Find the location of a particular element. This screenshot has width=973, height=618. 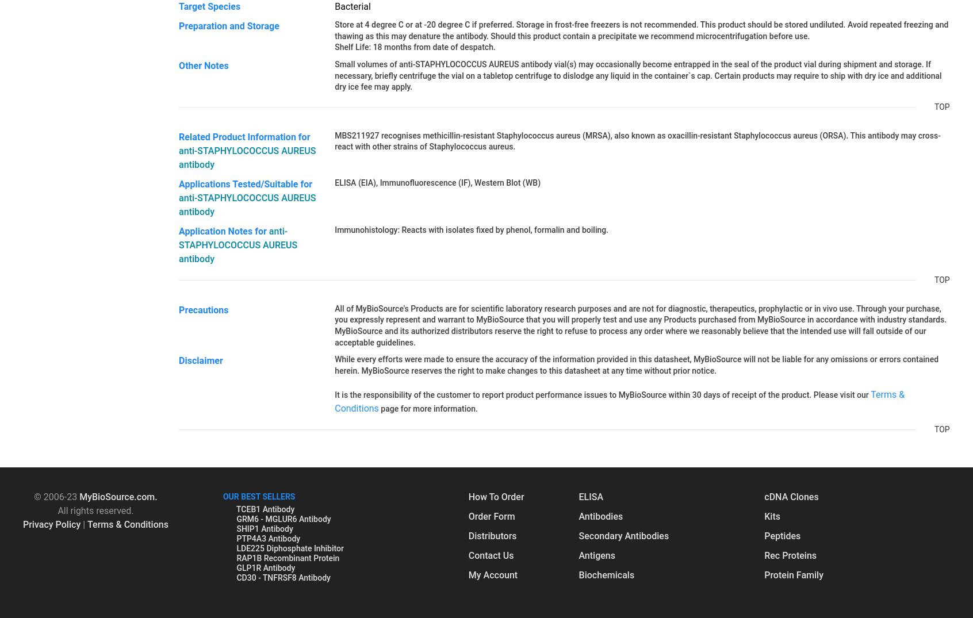

'Rec Proteins' is located at coordinates (790, 555).